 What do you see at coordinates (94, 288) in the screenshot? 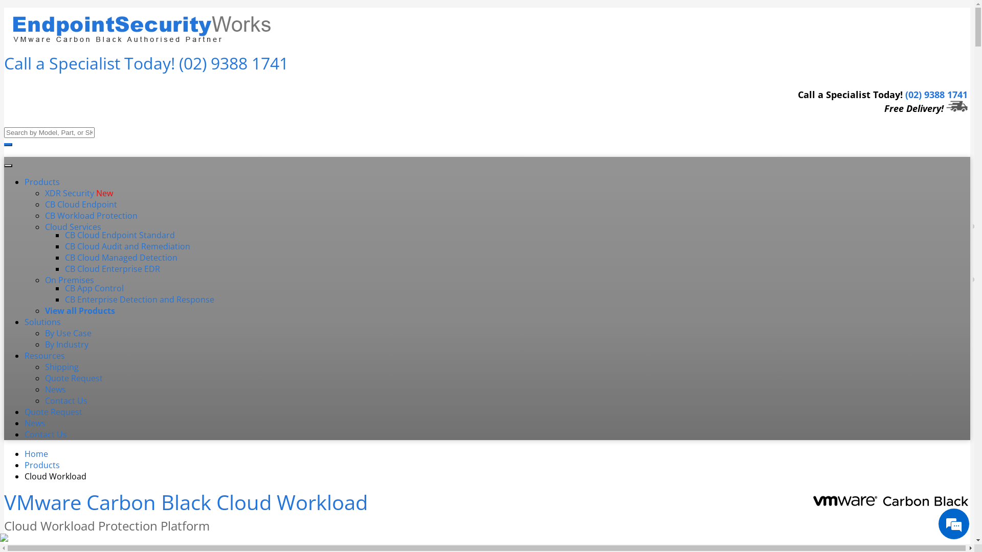
I see `'CB App Control'` at bounding box center [94, 288].